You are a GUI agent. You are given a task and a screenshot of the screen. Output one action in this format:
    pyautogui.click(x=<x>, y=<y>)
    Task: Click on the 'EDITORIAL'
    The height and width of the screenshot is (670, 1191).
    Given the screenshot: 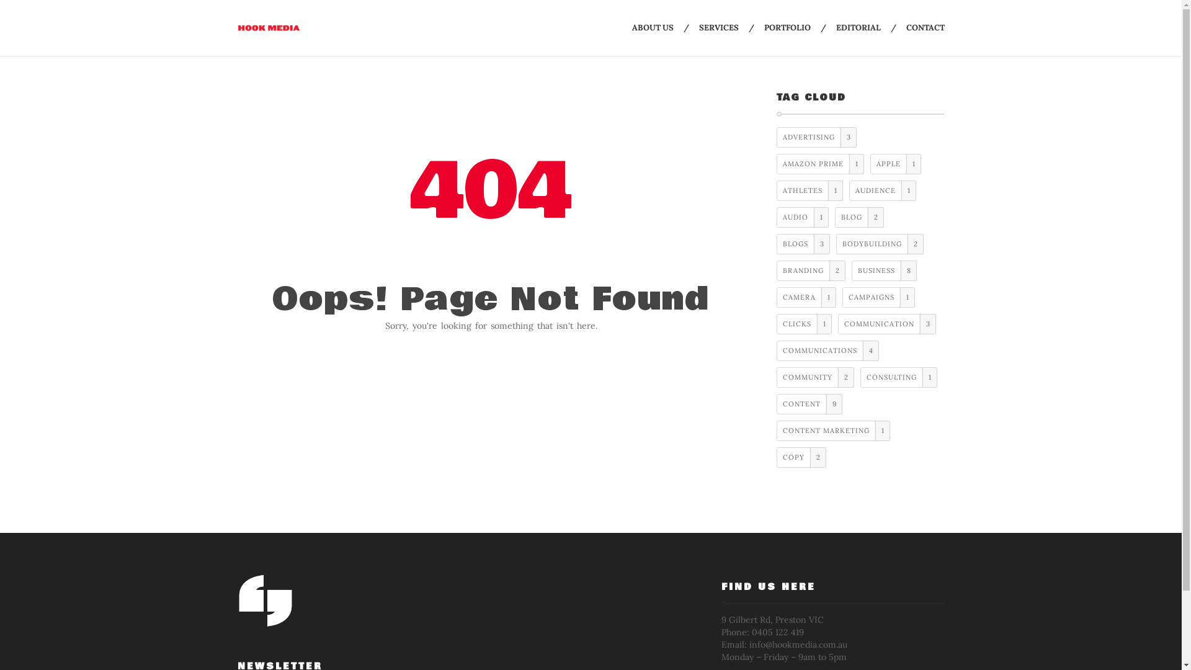 What is the action you would take?
    pyautogui.click(x=857, y=28)
    